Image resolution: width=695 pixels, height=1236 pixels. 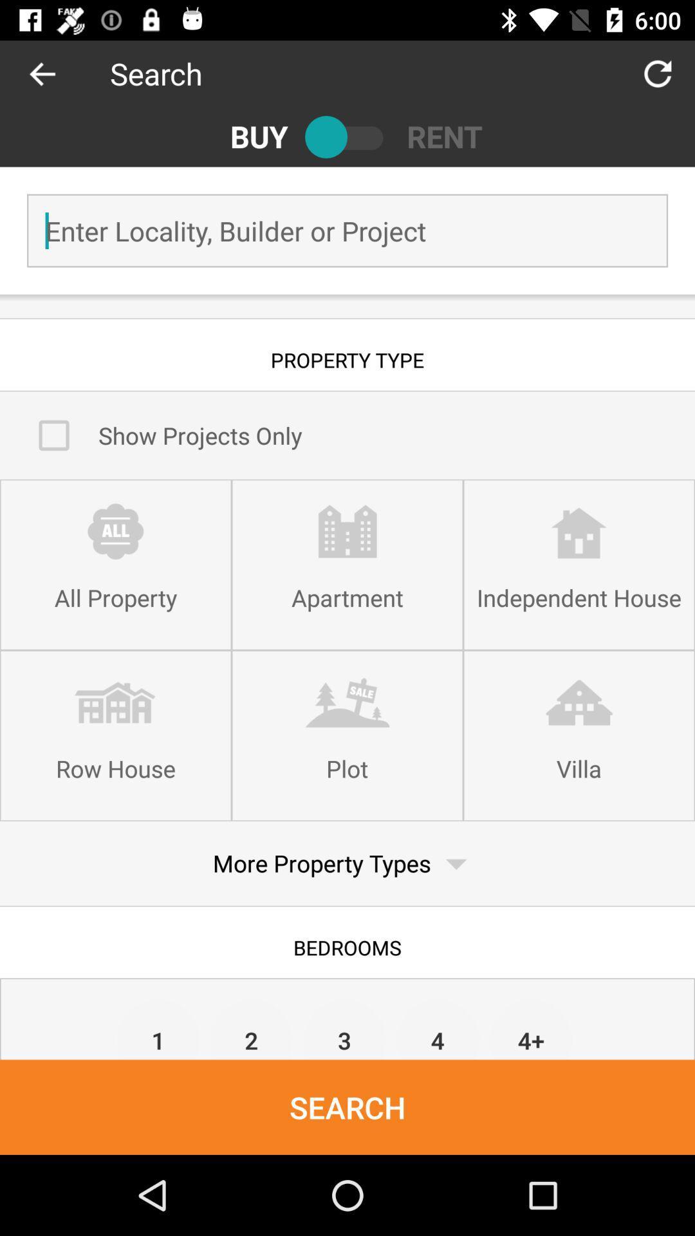 I want to click on the item to the right of the 2 item, so click(x=344, y=1028).